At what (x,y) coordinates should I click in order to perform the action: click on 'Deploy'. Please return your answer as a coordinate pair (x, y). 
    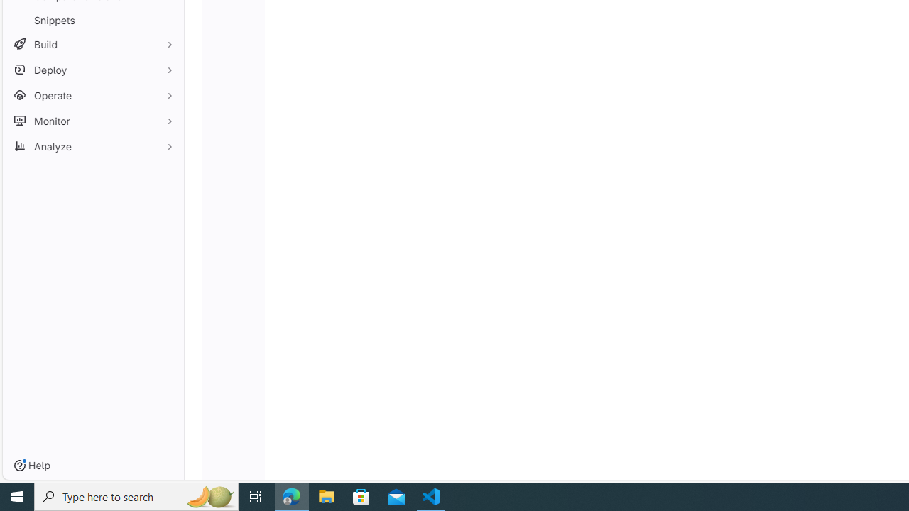
    Looking at the image, I should click on (92, 70).